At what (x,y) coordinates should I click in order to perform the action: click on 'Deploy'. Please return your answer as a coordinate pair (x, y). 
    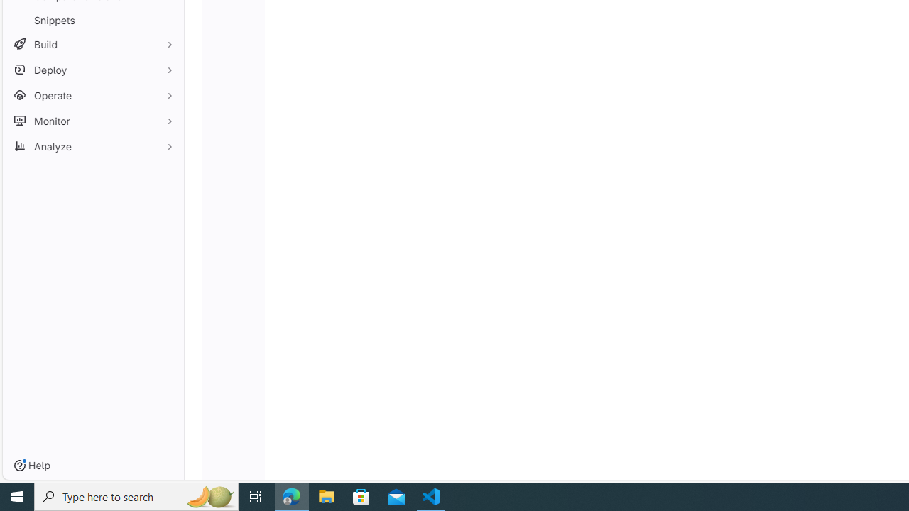
    Looking at the image, I should click on (92, 70).